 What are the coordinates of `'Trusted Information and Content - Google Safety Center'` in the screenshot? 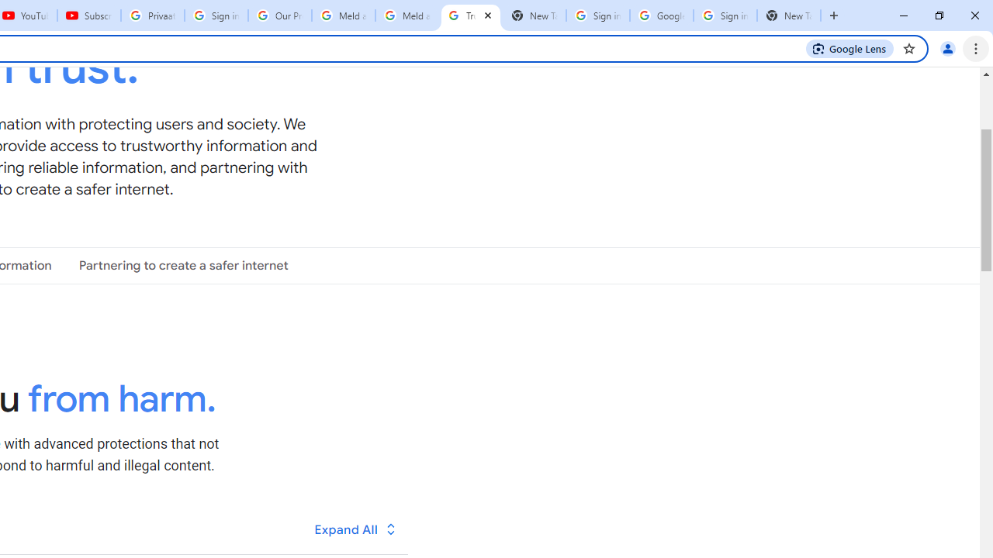 It's located at (469, 15).